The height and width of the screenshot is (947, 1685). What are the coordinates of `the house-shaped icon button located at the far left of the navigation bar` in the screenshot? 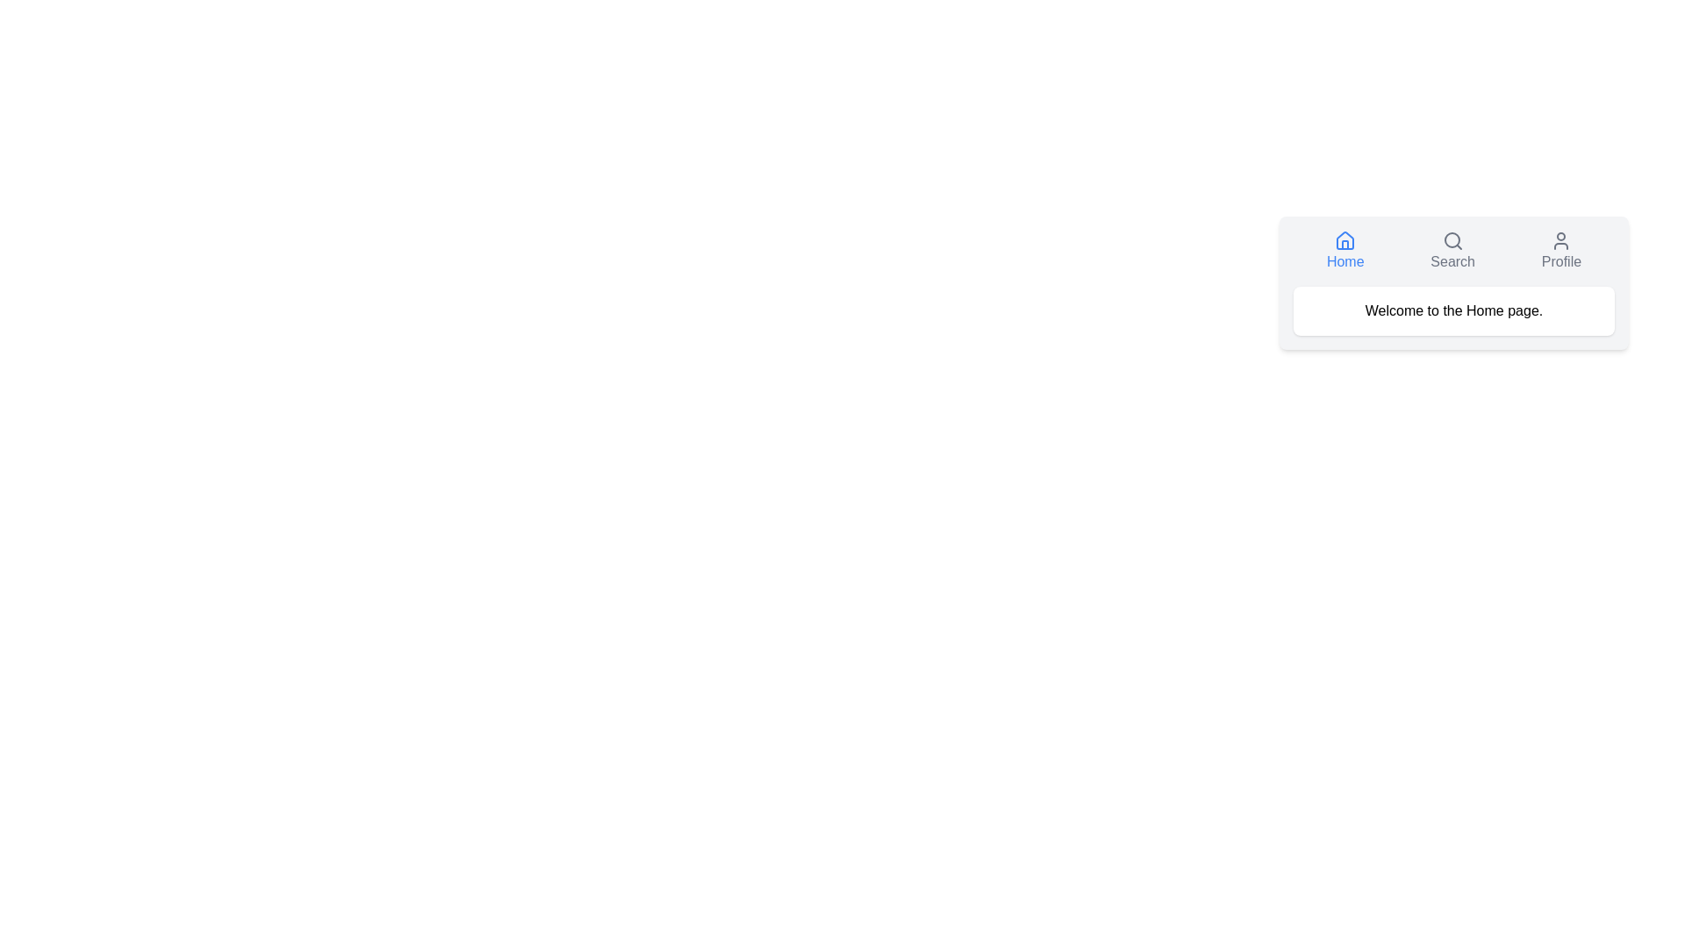 It's located at (1344, 240).